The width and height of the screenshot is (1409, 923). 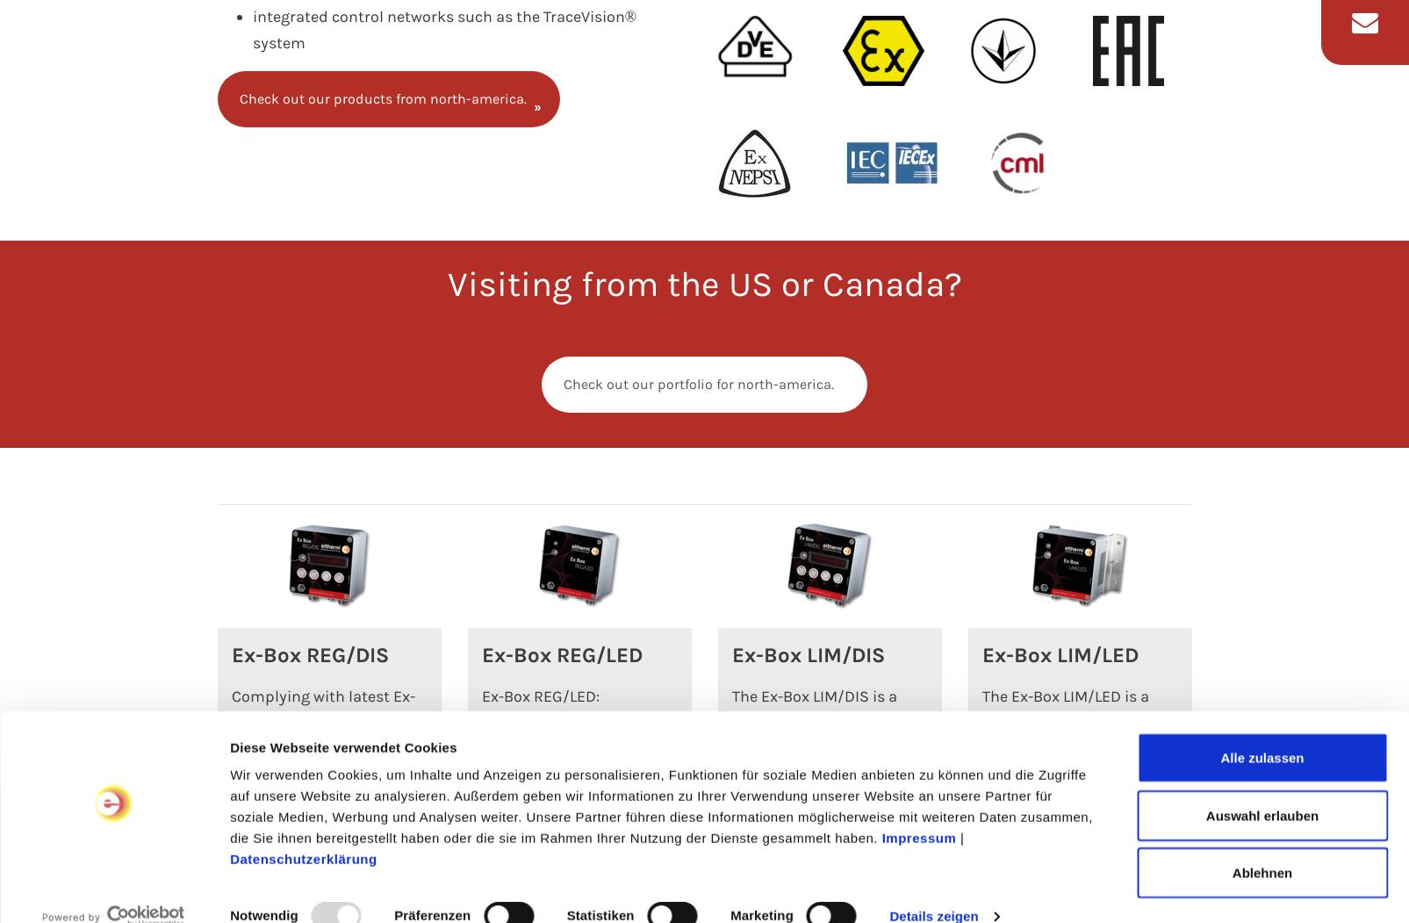 What do you see at coordinates (933, 798) in the screenshot?
I see `'Details zeigen'` at bounding box center [933, 798].